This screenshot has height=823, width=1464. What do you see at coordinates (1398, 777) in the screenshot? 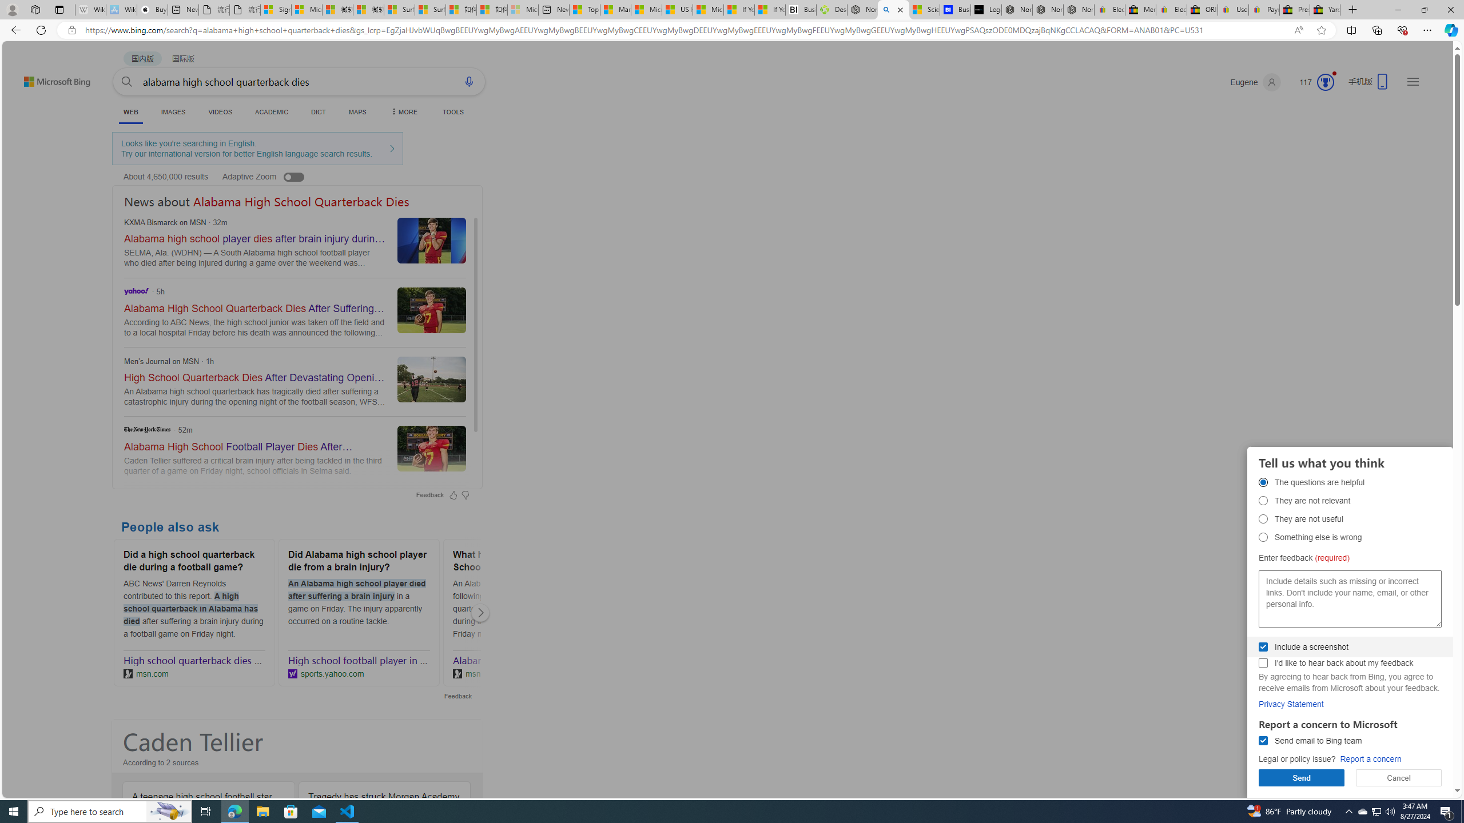
I see `'Cancel'` at bounding box center [1398, 777].